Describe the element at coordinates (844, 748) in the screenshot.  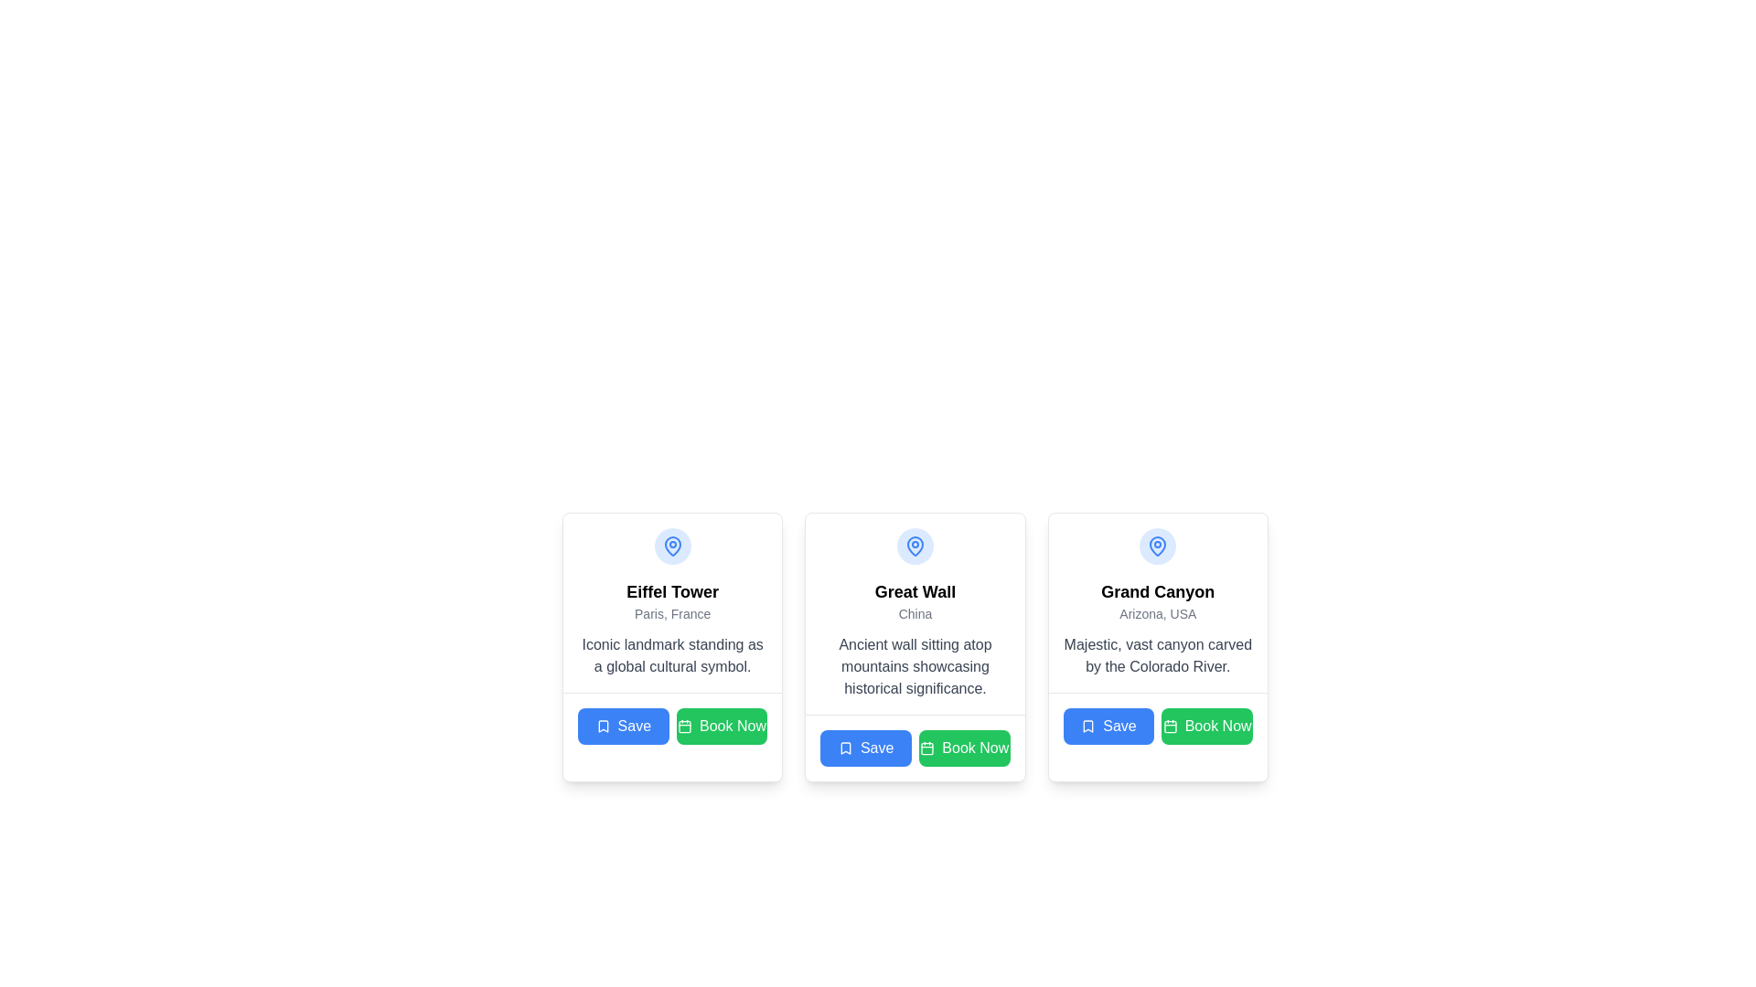
I see `the bookmark-shaped icon with a minimalist black outline located in the card titled 'Great Wall', positioned above the 'Save' button` at that location.